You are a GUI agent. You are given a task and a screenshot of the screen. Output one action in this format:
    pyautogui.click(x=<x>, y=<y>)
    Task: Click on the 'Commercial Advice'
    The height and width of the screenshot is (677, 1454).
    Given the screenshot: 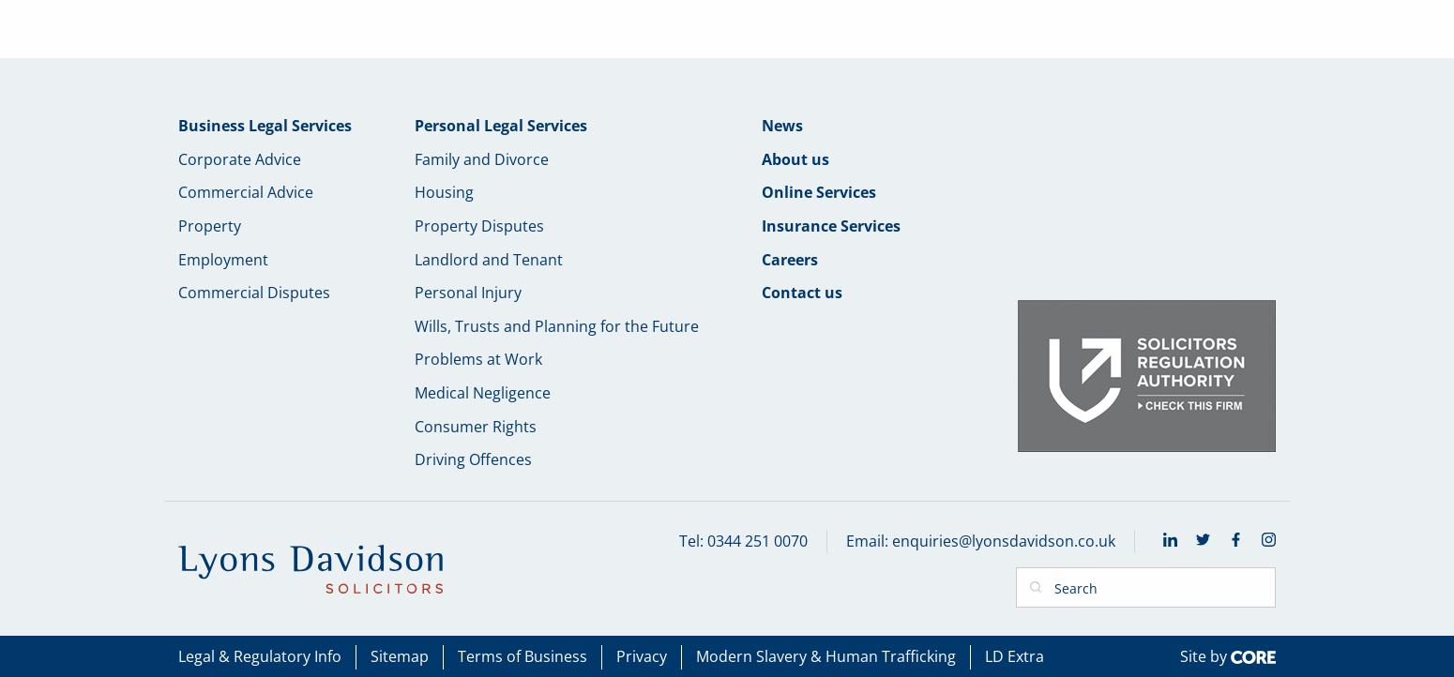 What is the action you would take?
    pyautogui.click(x=245, y=190)
    